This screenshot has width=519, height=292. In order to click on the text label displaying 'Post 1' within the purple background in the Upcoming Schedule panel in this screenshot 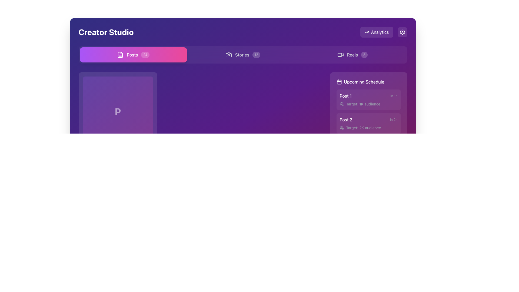, I will do `click(345, 95)`.